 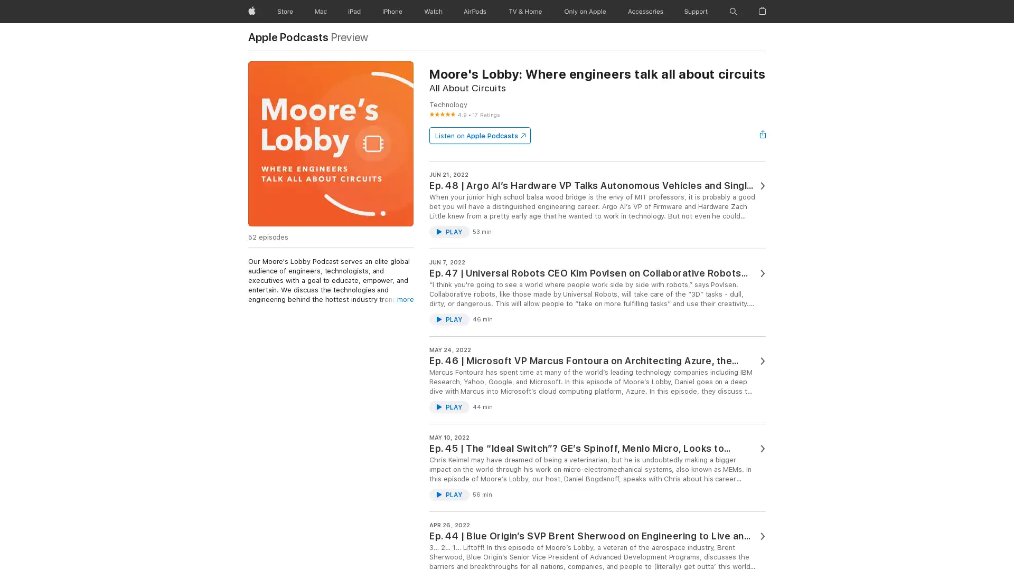 I want to click on Play Ep. 46 | Microsoft VP Marcus Fontoura on Architecting Azure, the Worlds Computer by @@podcastArtist@@, so click(x=449, y=406).